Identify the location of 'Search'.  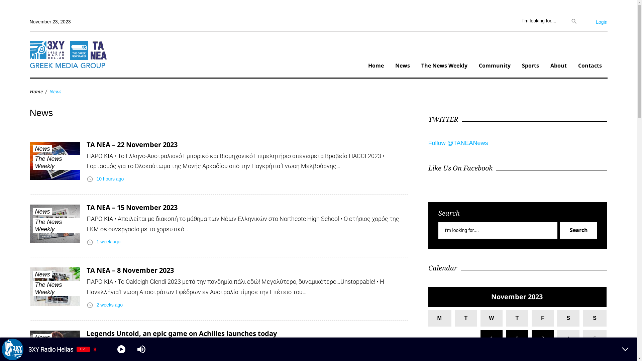
(560, 230).